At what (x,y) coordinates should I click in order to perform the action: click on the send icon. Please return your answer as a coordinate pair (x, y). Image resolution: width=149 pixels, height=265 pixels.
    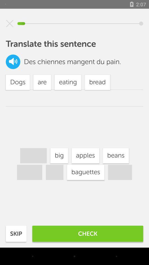
    Looking at the image, I should click on (10, 23).